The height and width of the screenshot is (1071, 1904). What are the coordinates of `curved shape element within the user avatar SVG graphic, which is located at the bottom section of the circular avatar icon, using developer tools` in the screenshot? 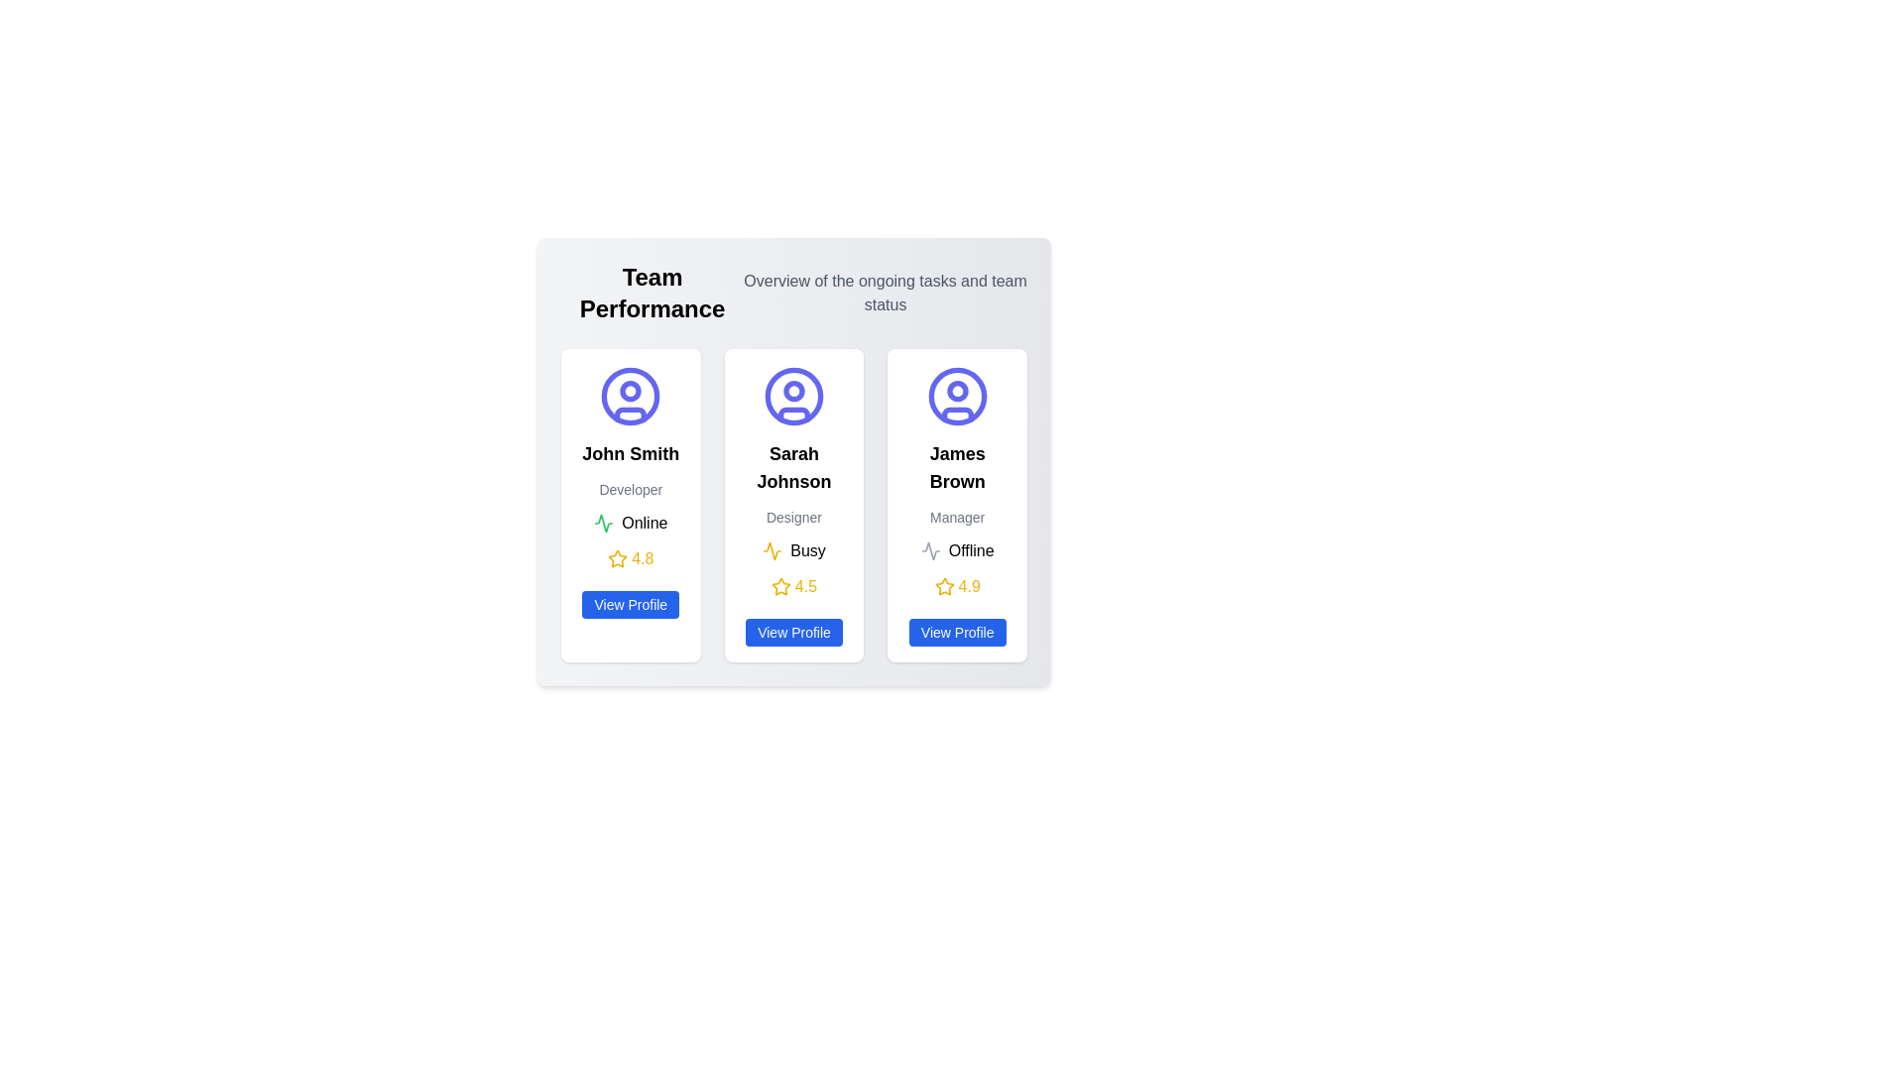 It's located at (630, 414).